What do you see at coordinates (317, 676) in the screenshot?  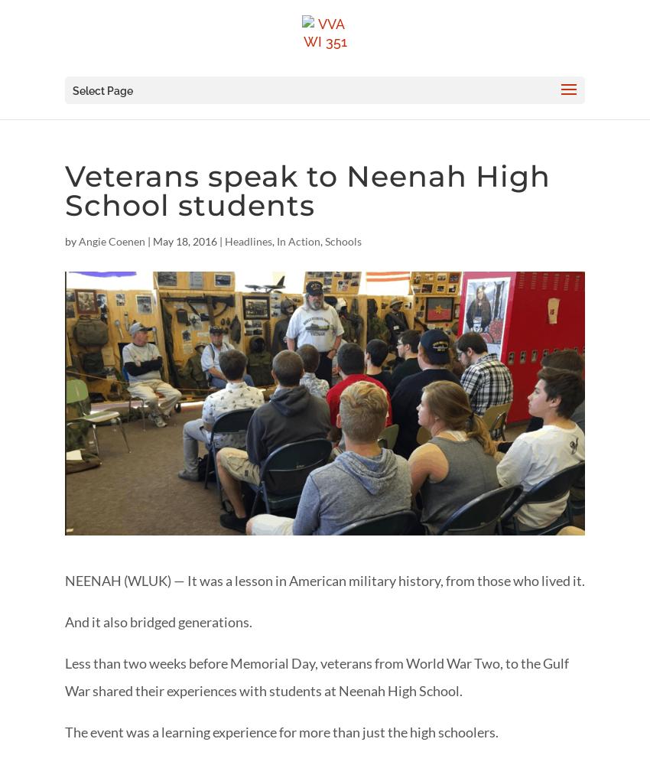 I see `'Less than two weeks before Memorial Day, veterans from World War Two, to the Gulf War shared their experiences with students at Neenah High School.'` at bounding box center [317, 676].